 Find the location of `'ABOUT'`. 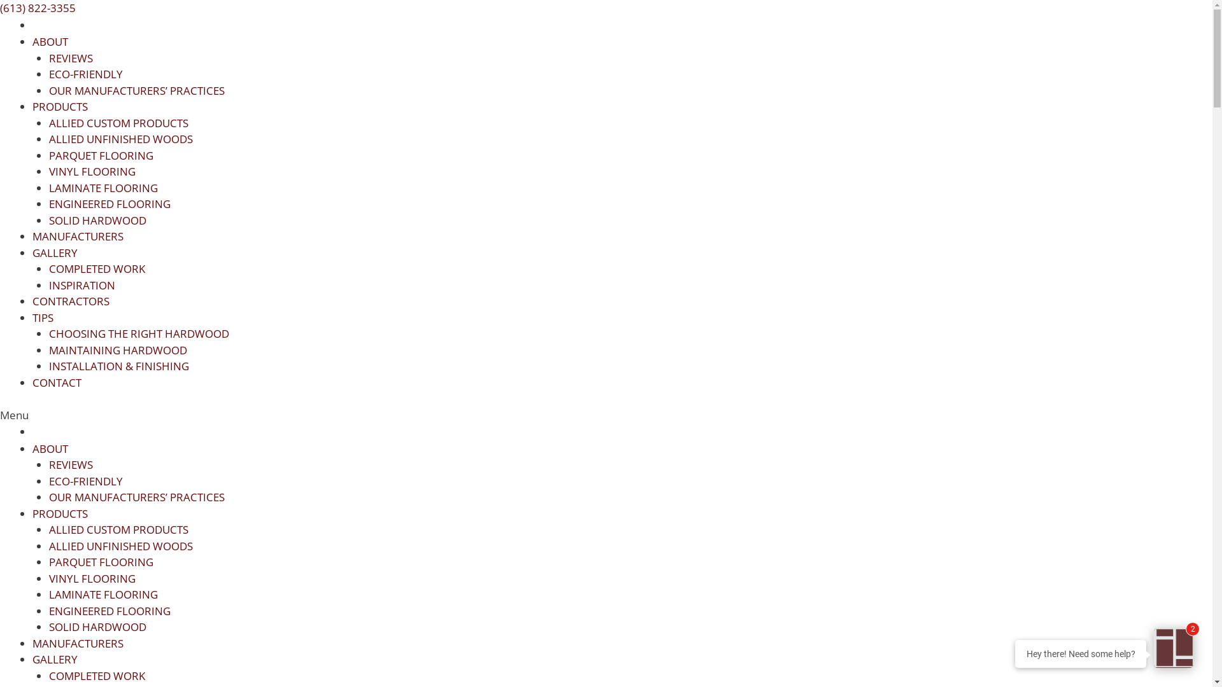

'ABOUT' is located at coordinates (50, 448).